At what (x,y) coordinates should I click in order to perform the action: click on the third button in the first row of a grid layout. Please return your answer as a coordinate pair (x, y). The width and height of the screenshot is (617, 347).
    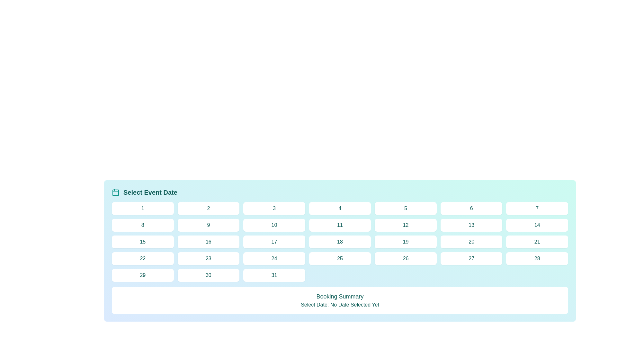
    Looking at the image, I should click on (274, 208).